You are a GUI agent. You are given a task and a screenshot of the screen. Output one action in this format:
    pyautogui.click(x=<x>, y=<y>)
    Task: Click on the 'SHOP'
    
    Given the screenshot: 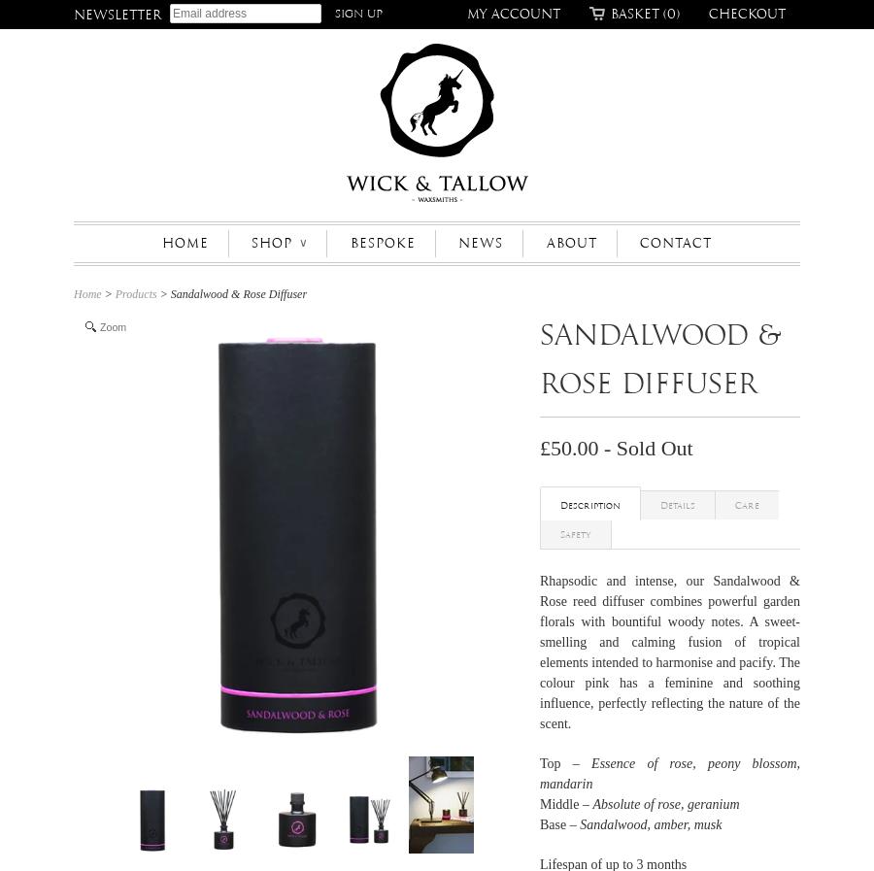 What is the action you would take?
    pyautogui.click(x=251, y=242)
    